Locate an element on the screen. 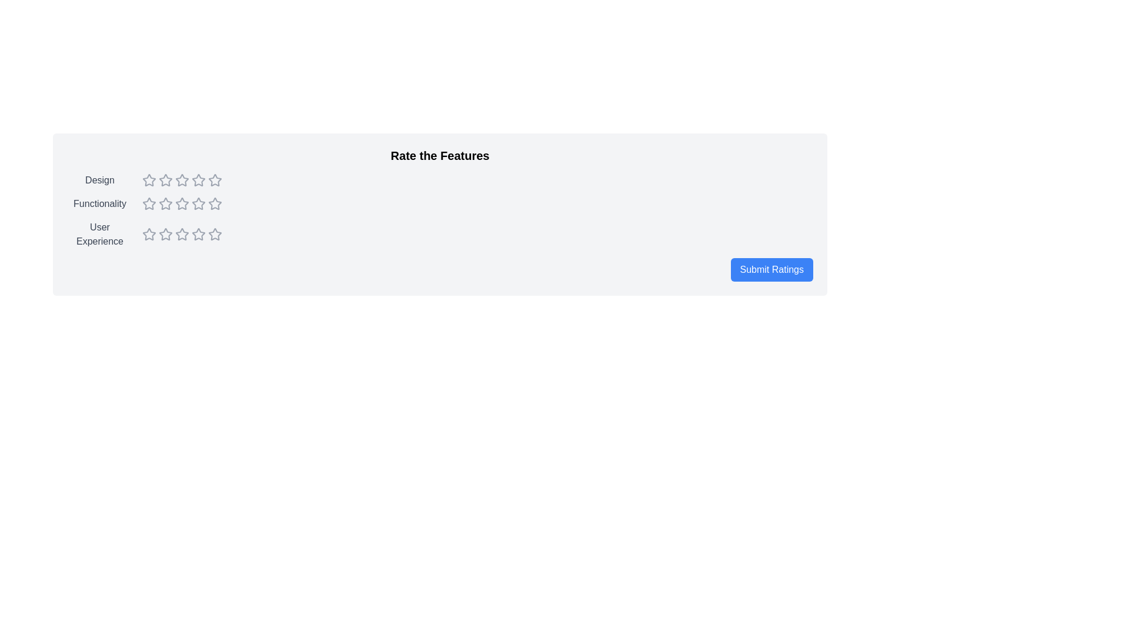  the third hollow star icon in the 'User Experience' rating row is located at coordinates (198, 234).